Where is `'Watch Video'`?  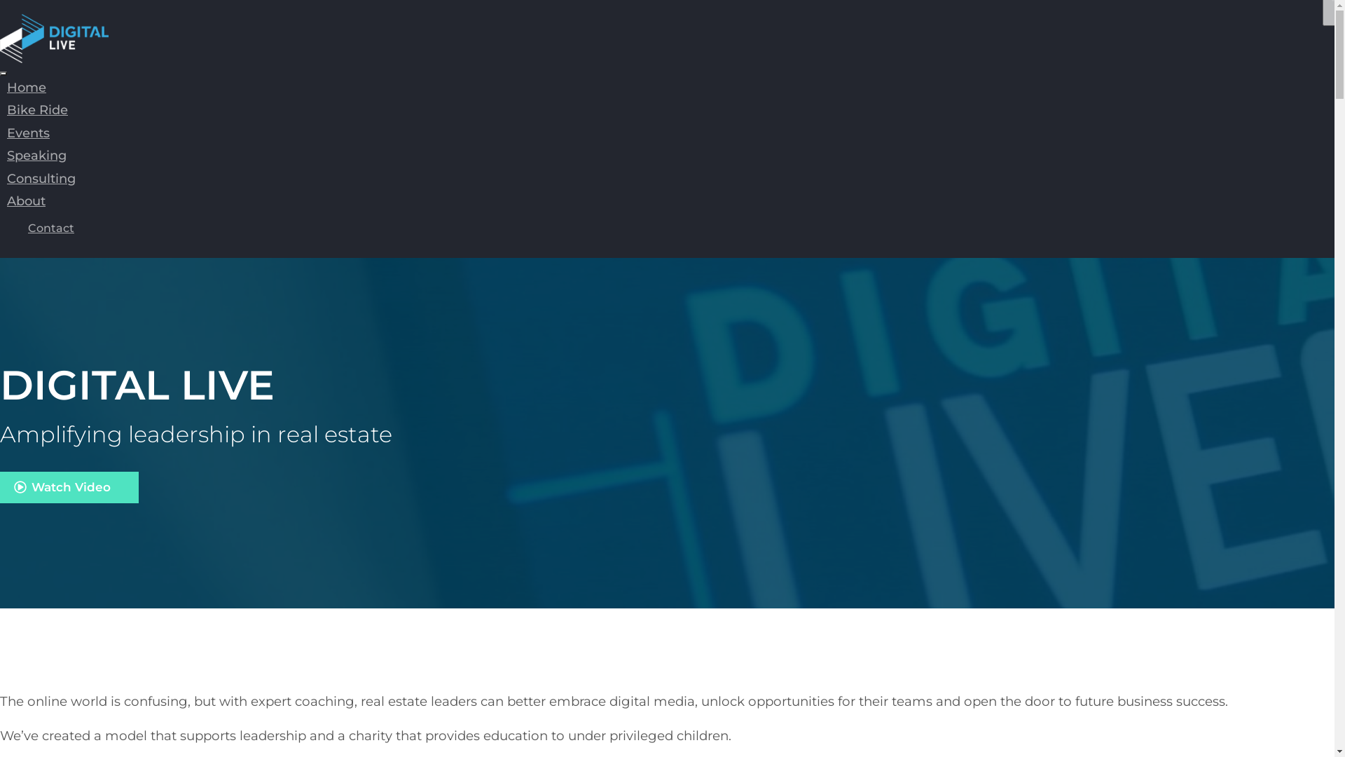 'Watch Video' is located at coordinates (69, 486).